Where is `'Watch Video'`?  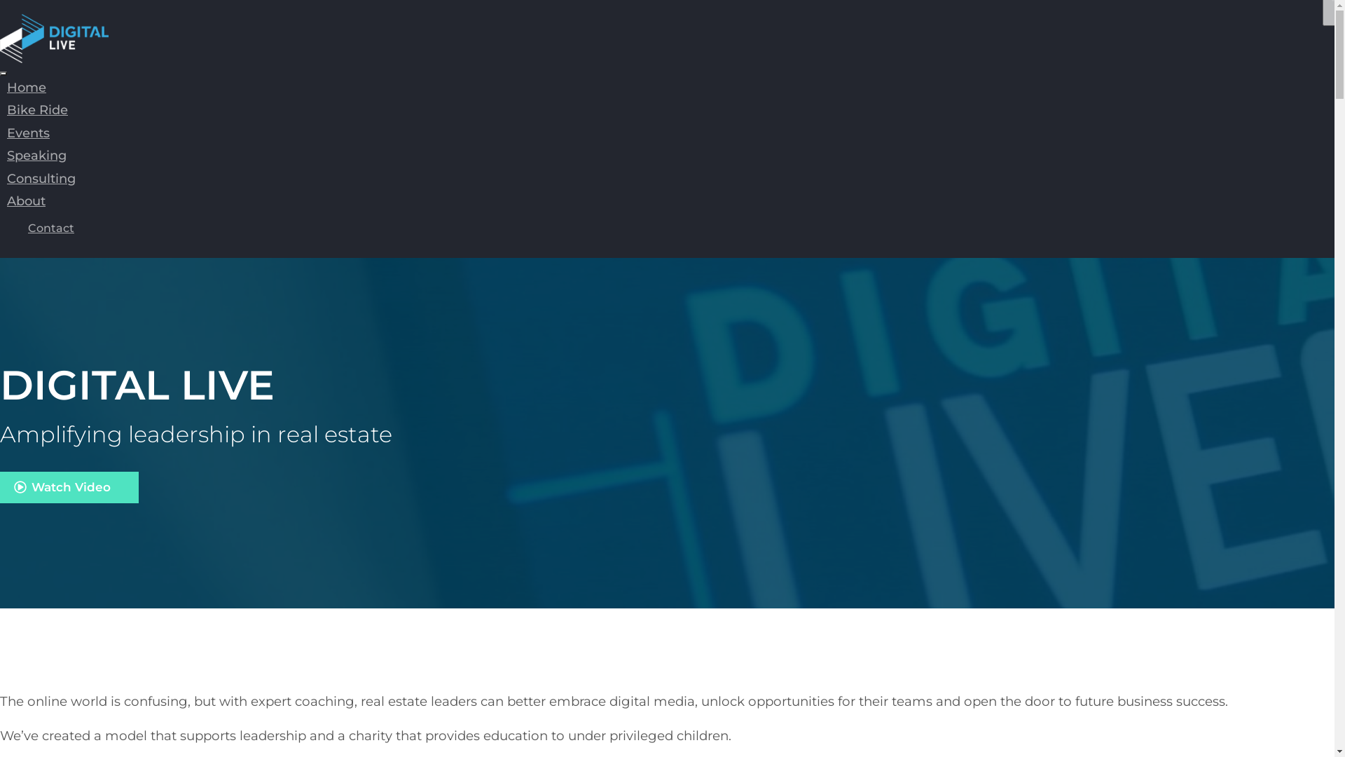 'Watch Video' is located at coordinates (69, 486).